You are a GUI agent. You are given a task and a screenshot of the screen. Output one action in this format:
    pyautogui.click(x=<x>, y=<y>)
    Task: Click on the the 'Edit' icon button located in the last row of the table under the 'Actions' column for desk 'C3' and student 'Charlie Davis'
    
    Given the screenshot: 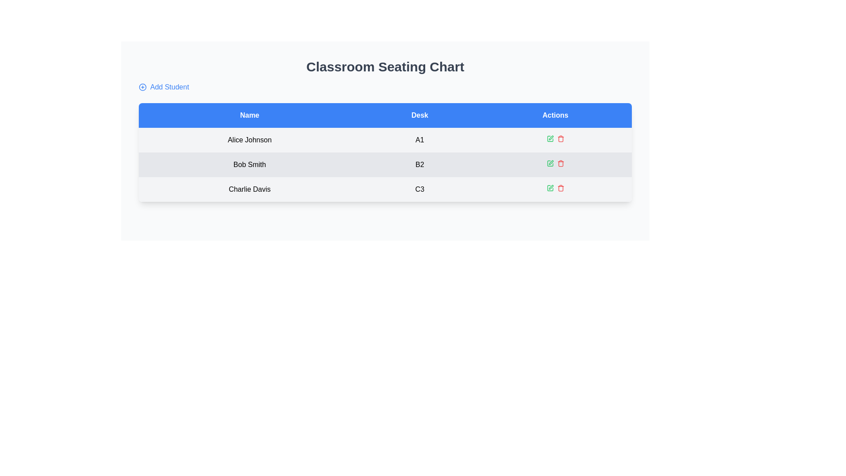 What is the action you would take?
    pyautogui.click(x=549, y=188)
    